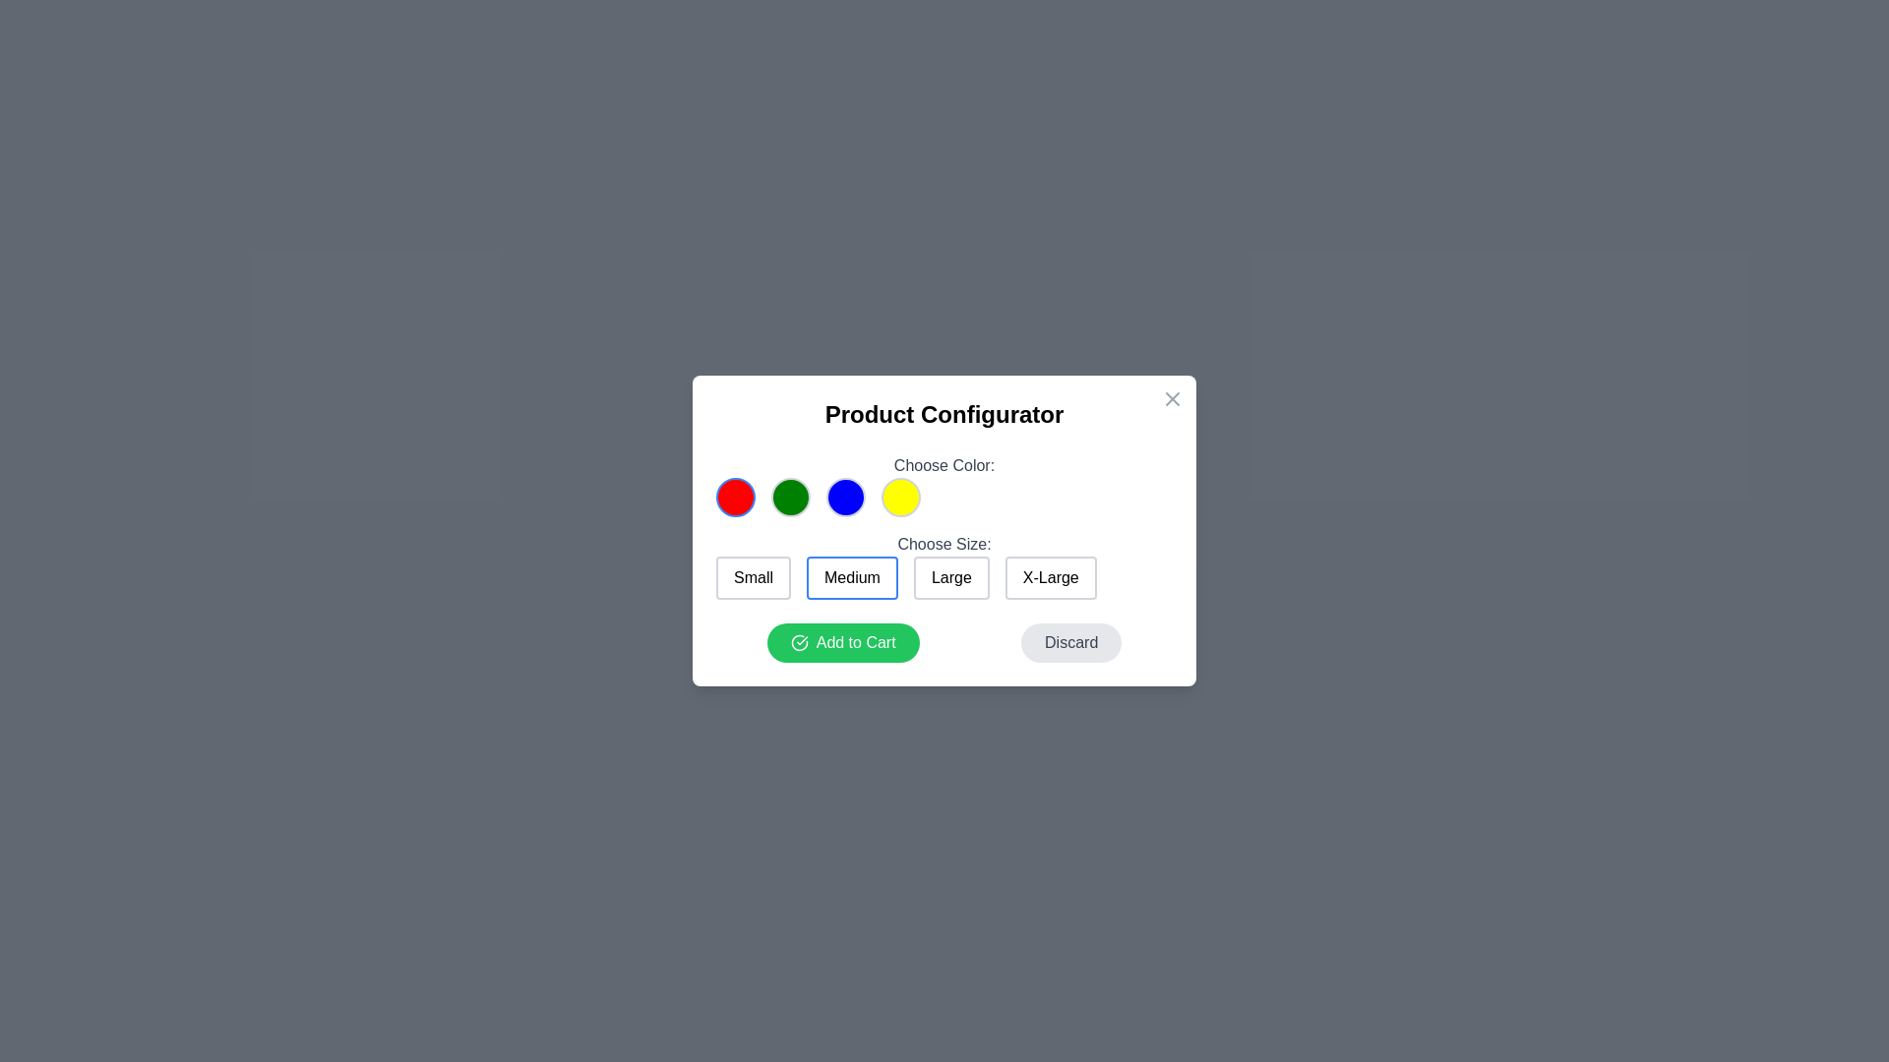 Image resolution: width=1889 pixels, height=1062 pixels. What do you see at coordinates (1050, 576) in the screenshot?
I see `the 'X-Large' size button, which is the last in a group of size selection buttons arranged horizontally` at bounding box center [1050, 576].